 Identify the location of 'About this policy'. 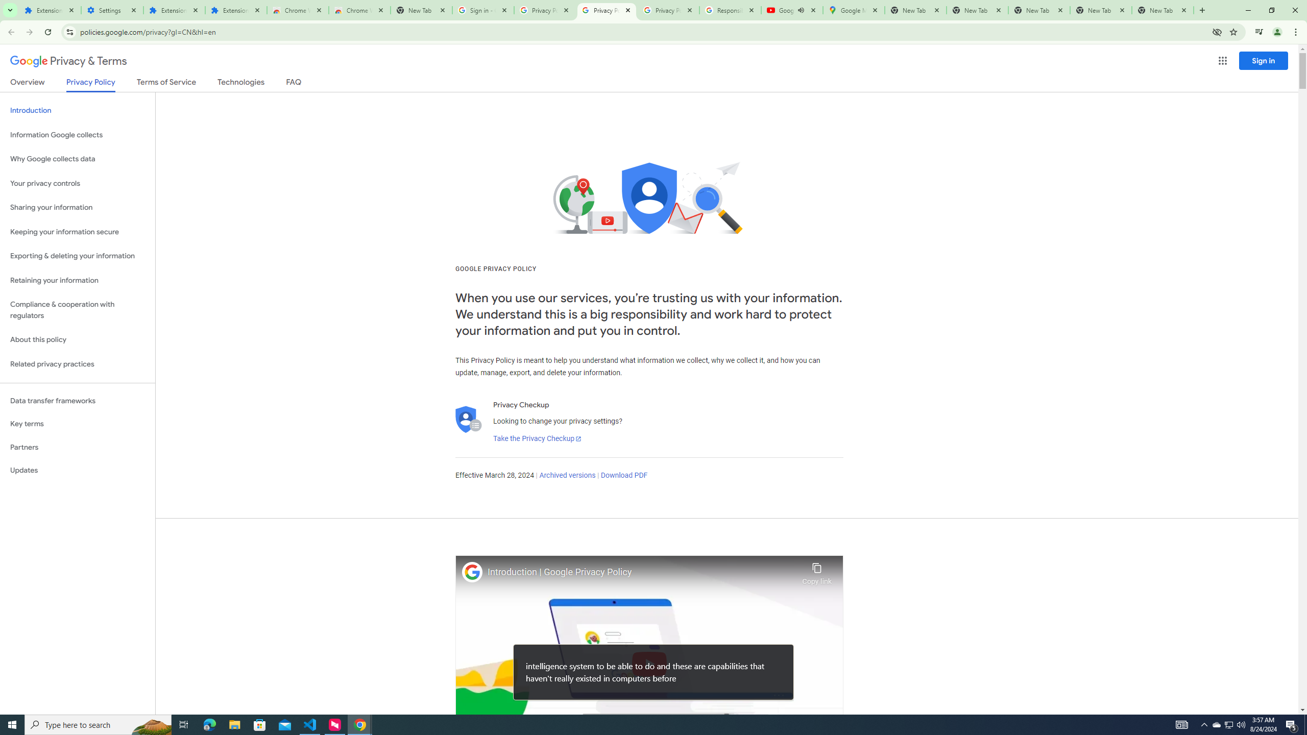
(77, 340).